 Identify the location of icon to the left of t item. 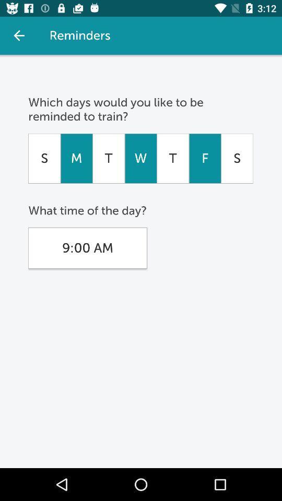
(76, 158).